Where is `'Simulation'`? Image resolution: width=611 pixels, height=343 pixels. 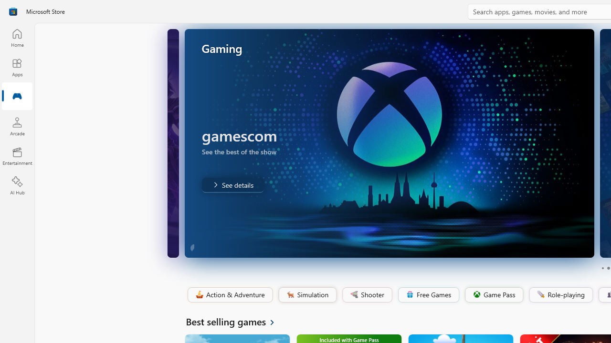 'Simulation' is located at coordinates (307, 294).